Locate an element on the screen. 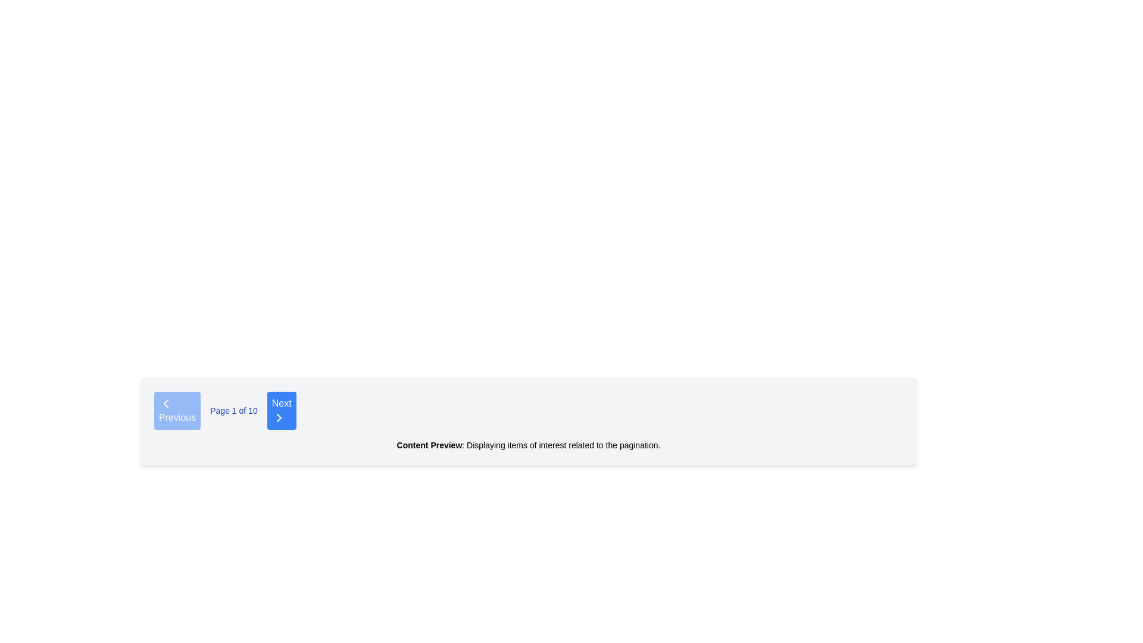 This screenshot has height=643, width=1143. the 'Previous' button, which has white text on a blue background and a left-chevron icon is located at coordinates (177, 410).